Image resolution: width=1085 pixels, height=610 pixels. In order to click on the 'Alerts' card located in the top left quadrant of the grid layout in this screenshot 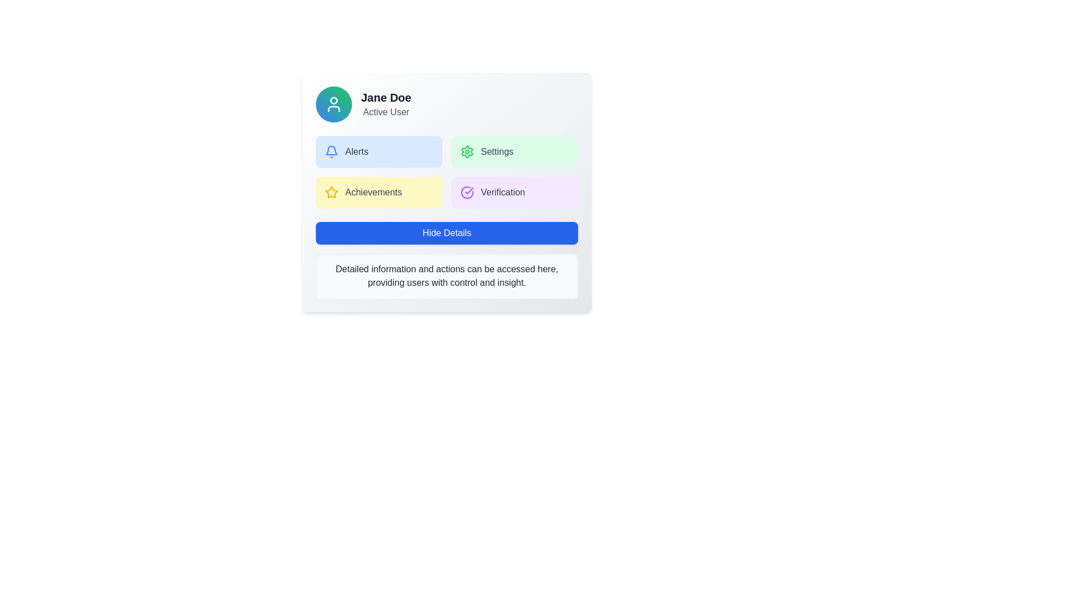, I will do `click(379, 151)`.